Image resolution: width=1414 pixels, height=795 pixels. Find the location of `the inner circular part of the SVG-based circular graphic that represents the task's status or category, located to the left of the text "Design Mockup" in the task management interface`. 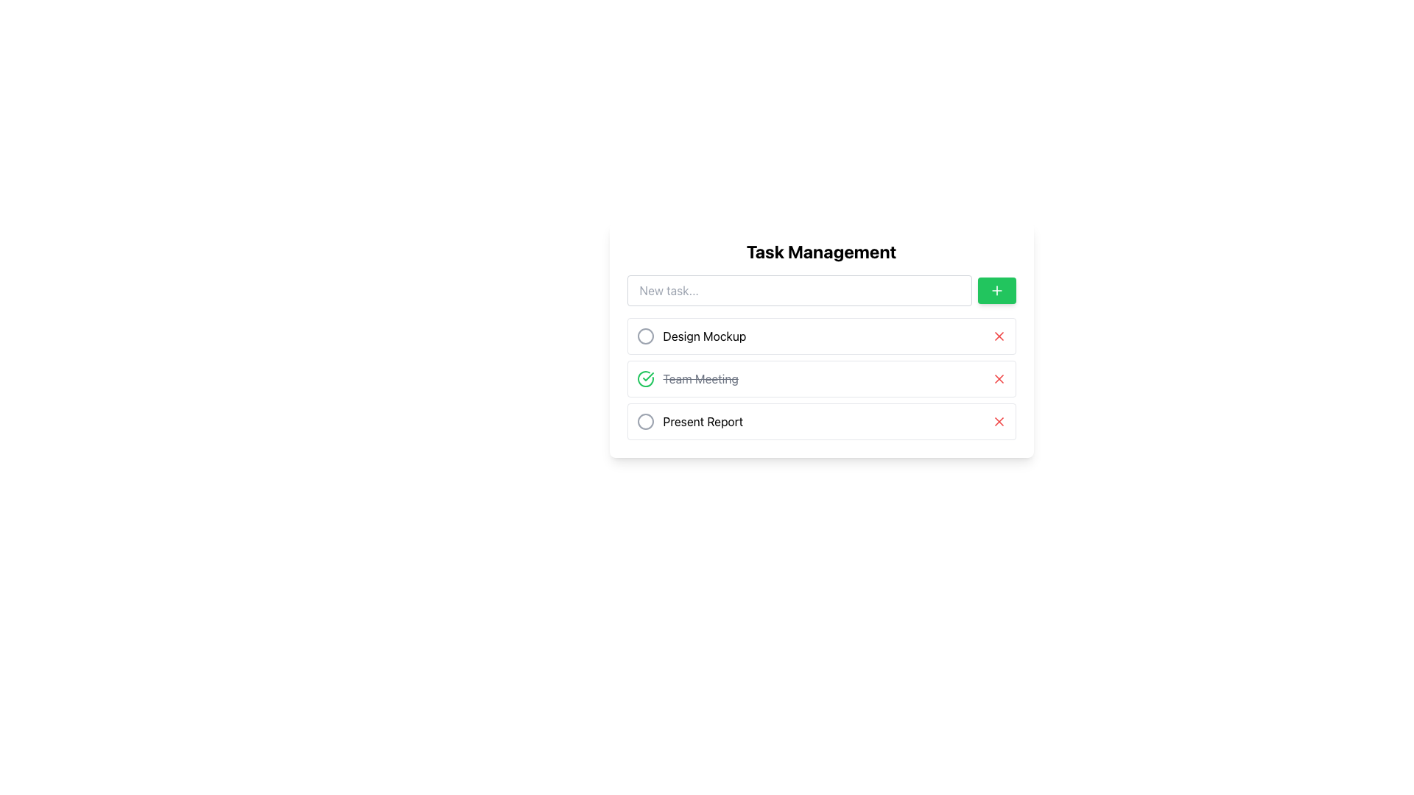

the inner circular part of the SVG-based circular graphic that represents the task's status or category, located to the left of the text "Design Mockup" in the task management interface is located at coordinates (645, 336).